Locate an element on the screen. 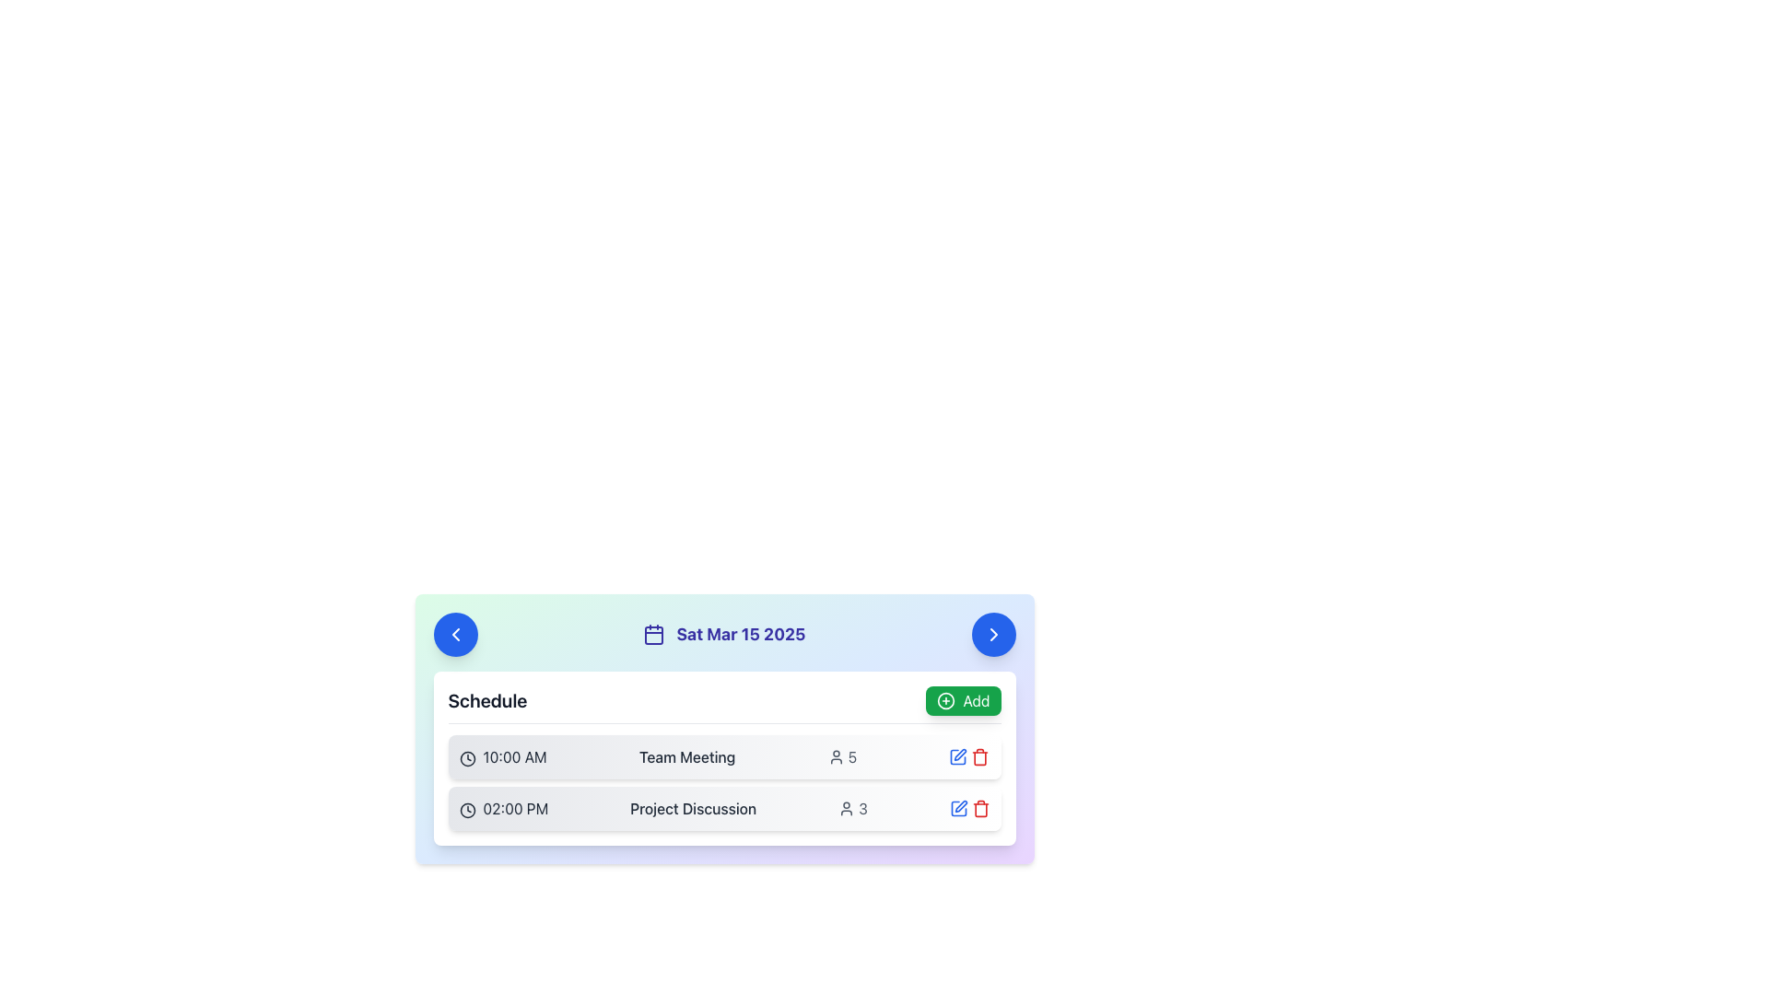  the Edit icon located to the right of the task description and participant count in the second row of the task scheduling interface is located at coordinates (958, 808).